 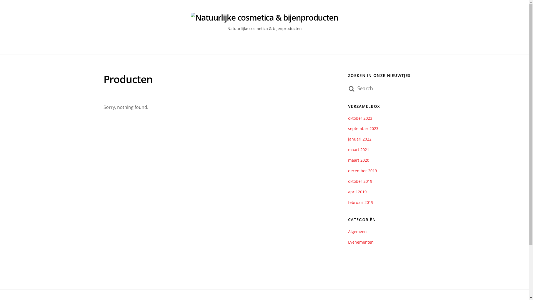 What do you see at coordinates (348, 128) in the screenshot?
I see `'september 2023'` at bounding box center [348, 128].